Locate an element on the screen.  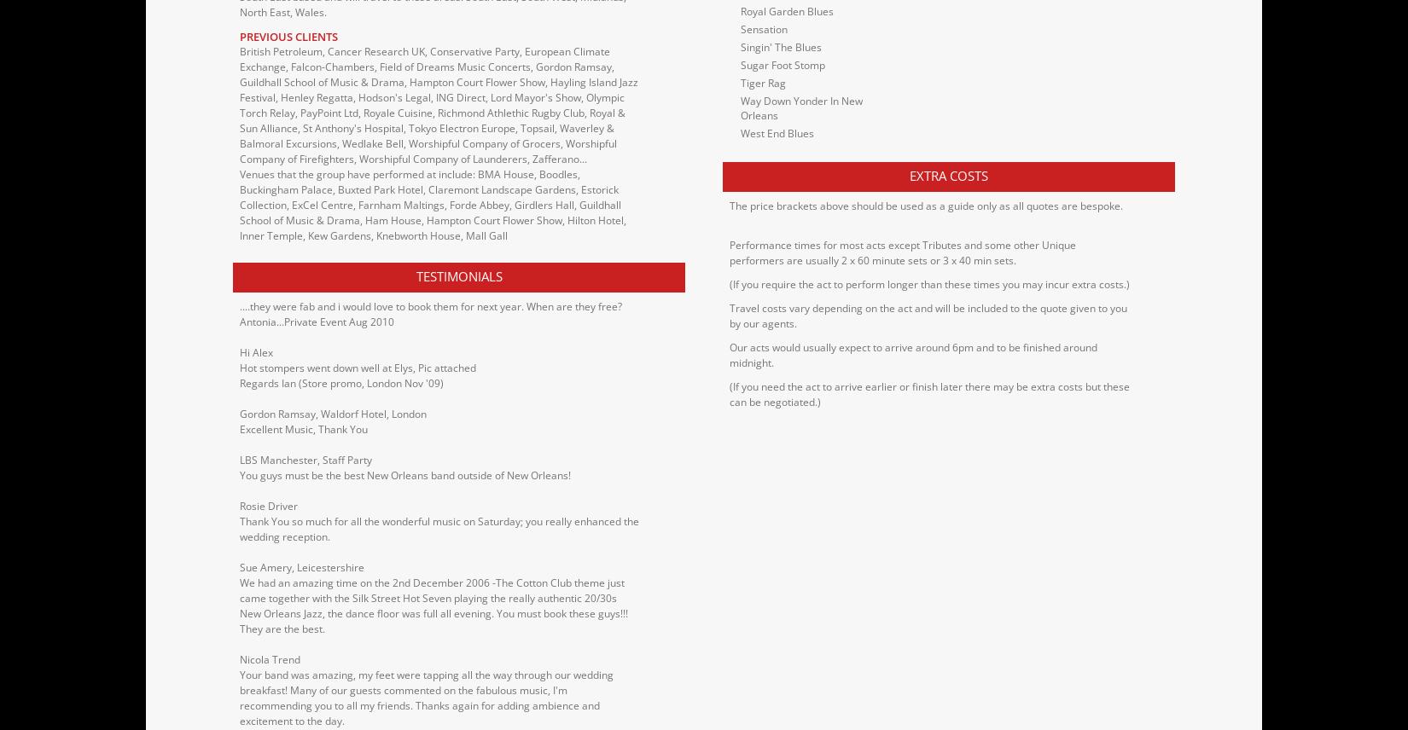
'Tiger Rag' is located at coordinates (763, 82).